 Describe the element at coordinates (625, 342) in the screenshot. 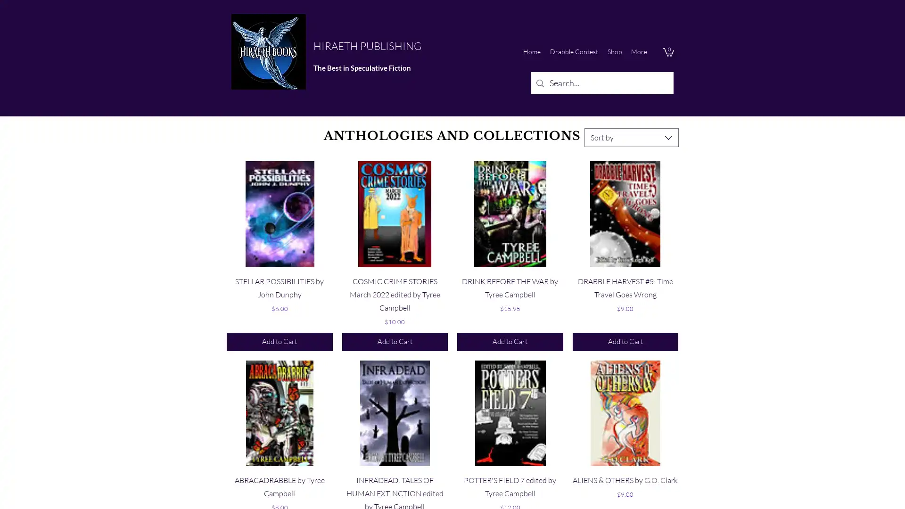

I see `Add to Cart` at that location.